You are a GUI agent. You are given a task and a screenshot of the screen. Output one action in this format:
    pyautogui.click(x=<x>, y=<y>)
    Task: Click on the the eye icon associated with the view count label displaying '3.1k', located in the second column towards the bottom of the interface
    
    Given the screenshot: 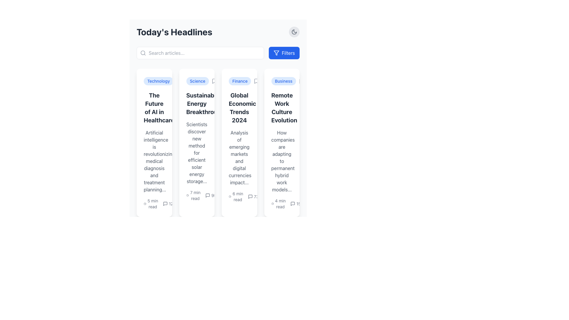 What is the action you would take?
    pyautogui.click(x=265, y=196)
    